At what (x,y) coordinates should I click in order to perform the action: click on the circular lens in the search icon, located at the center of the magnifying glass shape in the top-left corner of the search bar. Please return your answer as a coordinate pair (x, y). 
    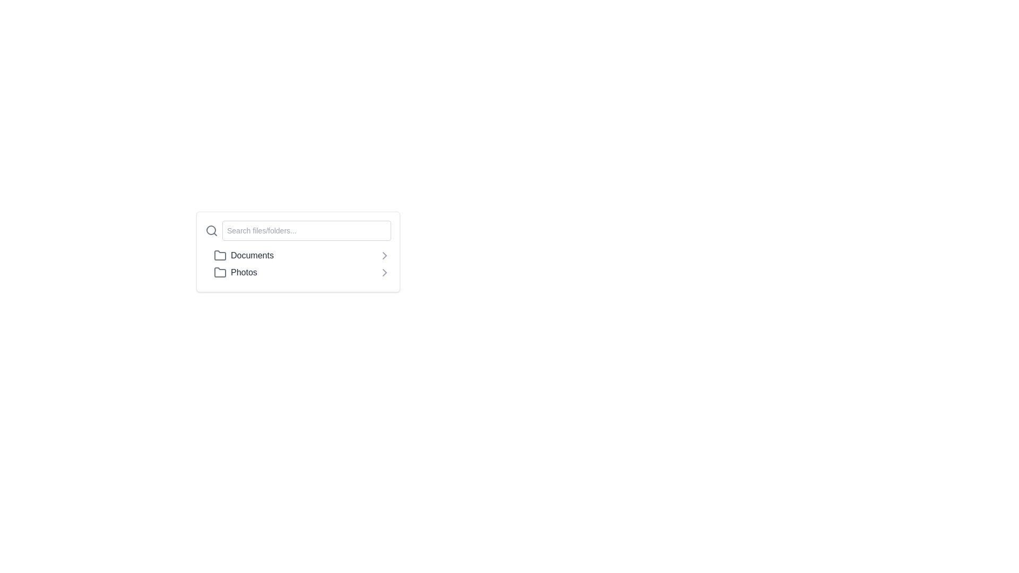
    Looking at the image, I should click on (211, 230).